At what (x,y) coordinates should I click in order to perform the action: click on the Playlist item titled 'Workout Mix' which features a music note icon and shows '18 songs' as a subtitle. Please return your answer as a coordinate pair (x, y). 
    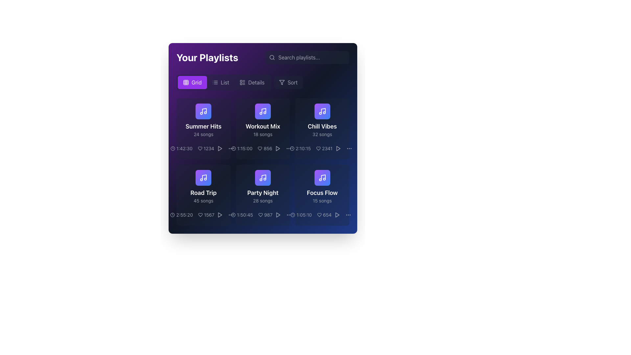
    Looking at the image, I should click on (263, 120).